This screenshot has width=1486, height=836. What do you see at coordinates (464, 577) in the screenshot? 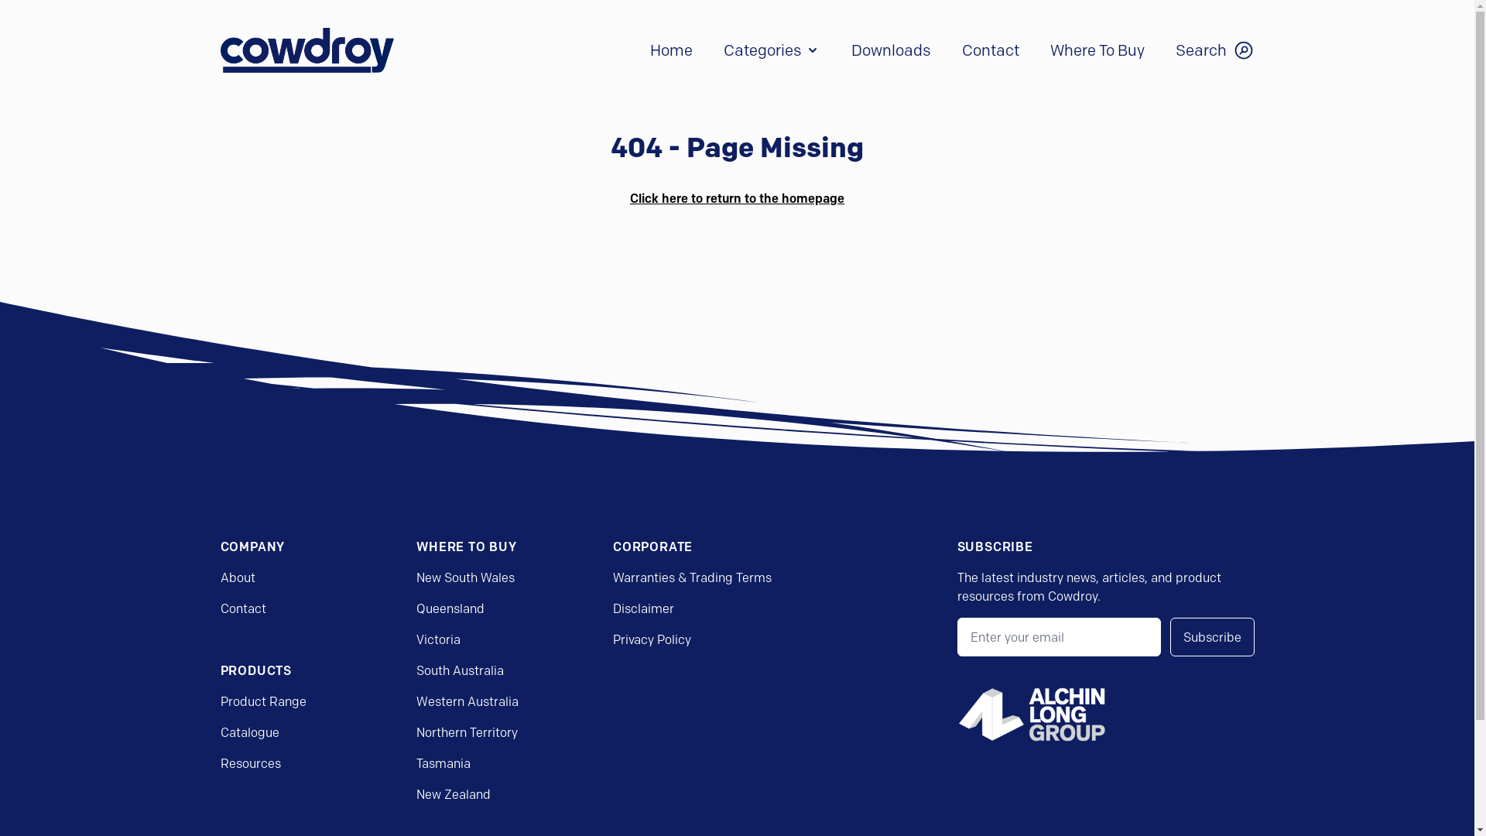
I see `'New South Wales'` at bounding box center [464, 577].